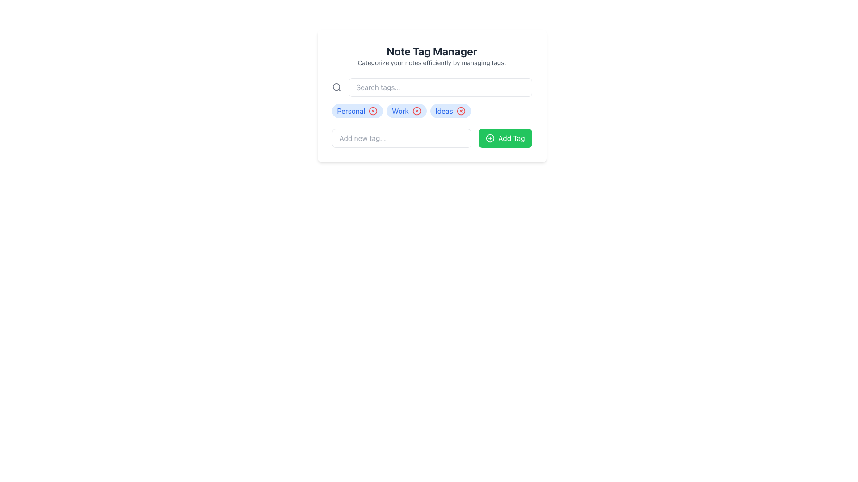 The height and width of the screenshot is (482, 858). I want to click on the 'Ideas' tag with a blue background, so click(450, 111).